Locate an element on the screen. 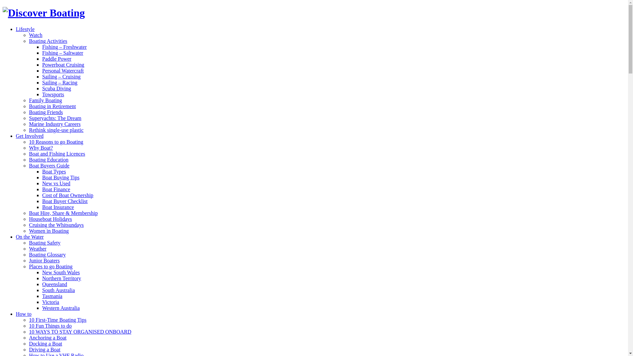 The image size is (633, 356). 'Boating Activities' is located at coordinates (47, 41).